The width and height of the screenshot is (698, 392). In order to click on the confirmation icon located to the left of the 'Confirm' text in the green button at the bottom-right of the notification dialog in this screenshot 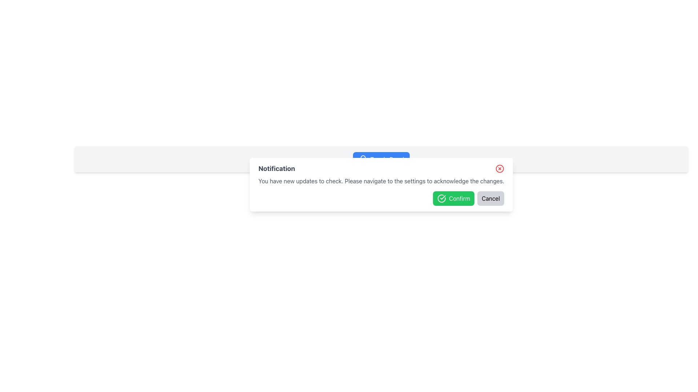, I will do `click(441, 199)`.